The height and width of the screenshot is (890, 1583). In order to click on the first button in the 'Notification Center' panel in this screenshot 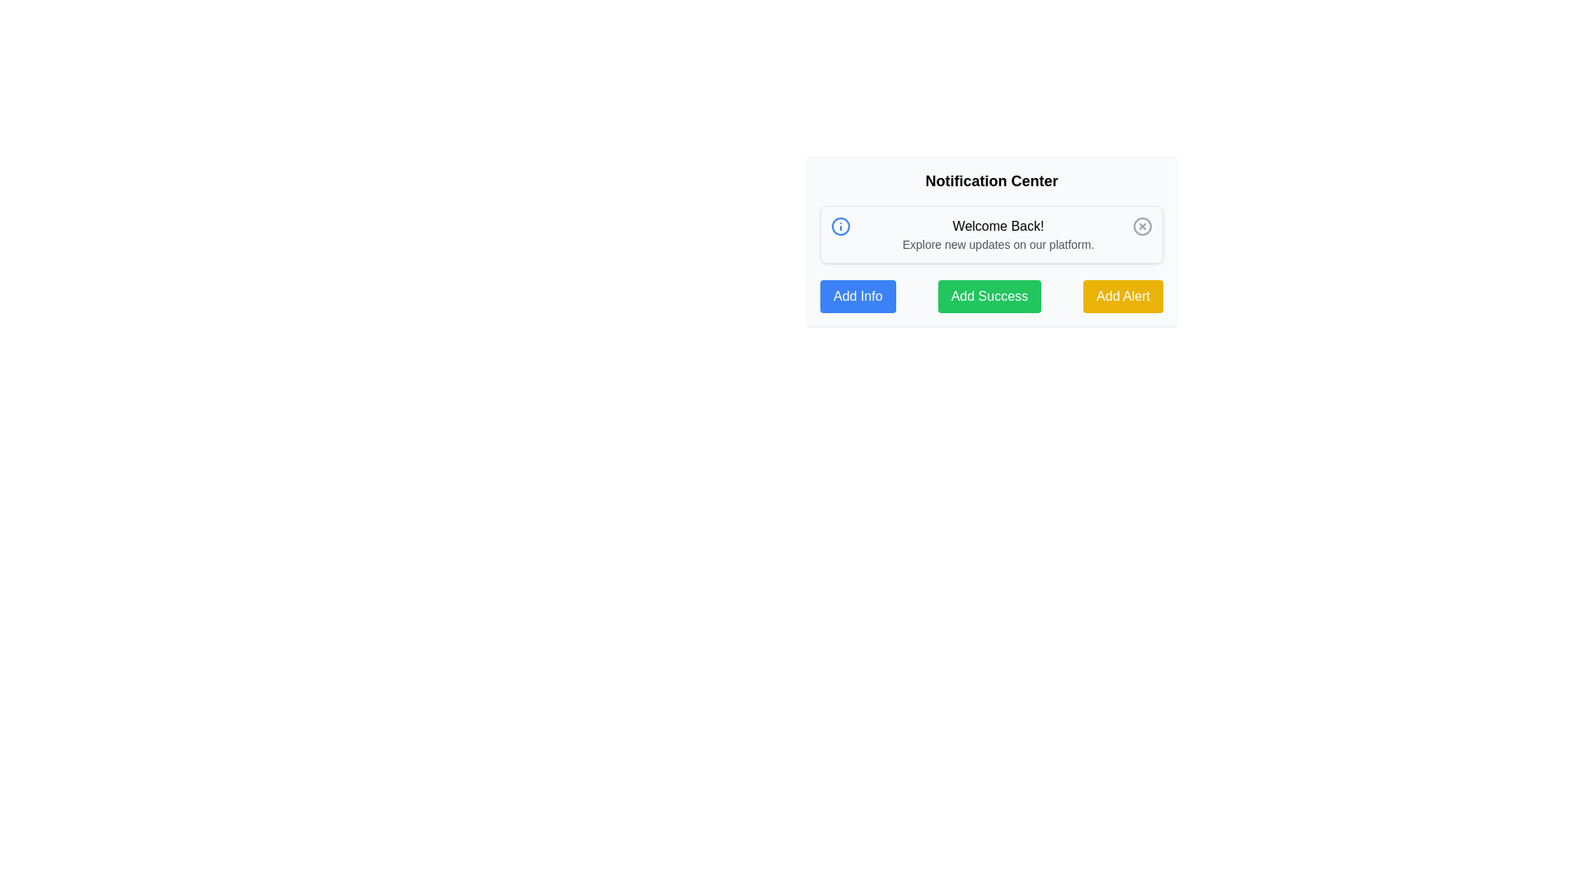, I will do `click(857, 295)`.